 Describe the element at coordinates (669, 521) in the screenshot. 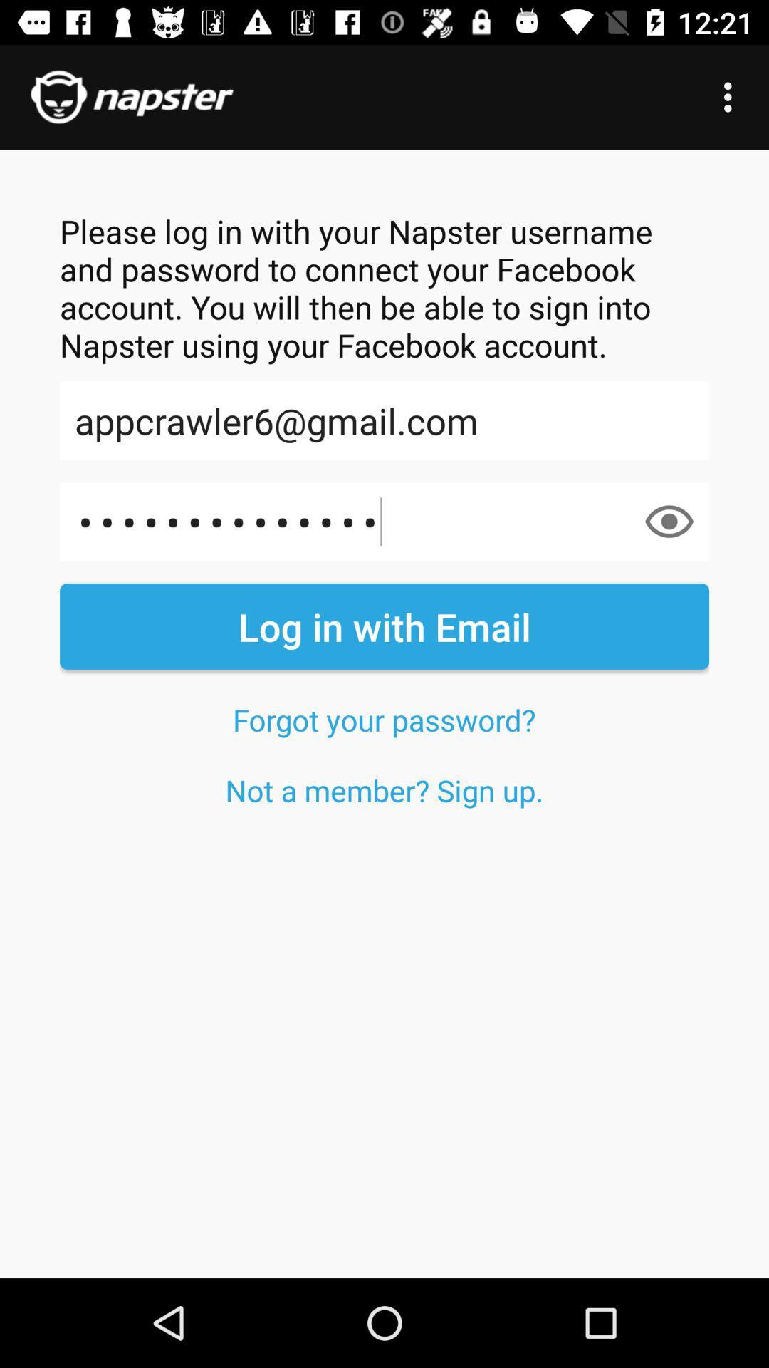

I see `icon on the right` at that location.